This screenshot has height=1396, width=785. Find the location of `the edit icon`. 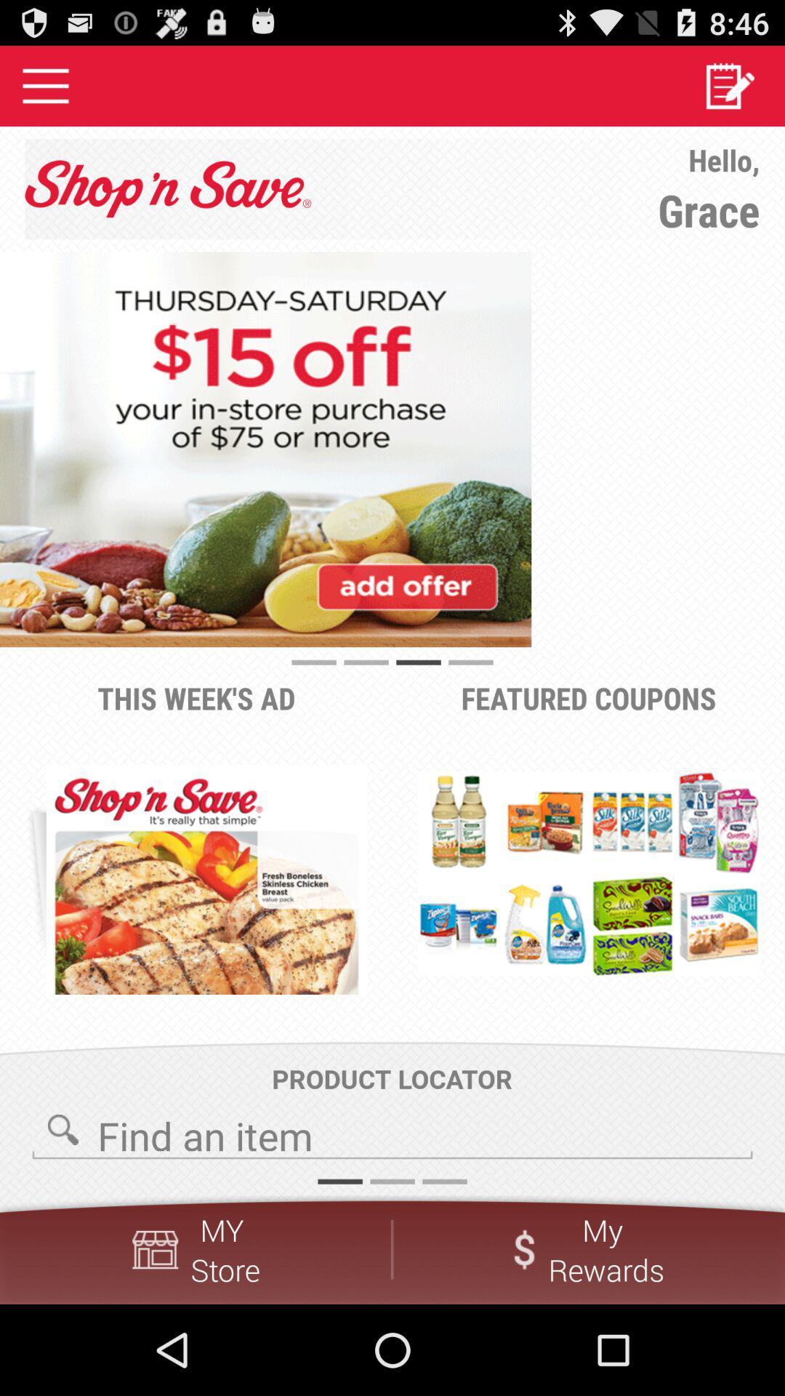

the edit icon is located at coordinates (729, 91).